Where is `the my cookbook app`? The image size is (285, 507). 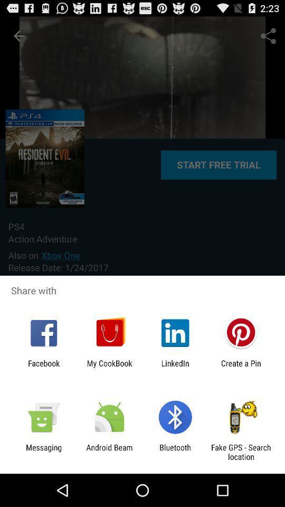 the my cookbook app is located at coordinates (109, 368).